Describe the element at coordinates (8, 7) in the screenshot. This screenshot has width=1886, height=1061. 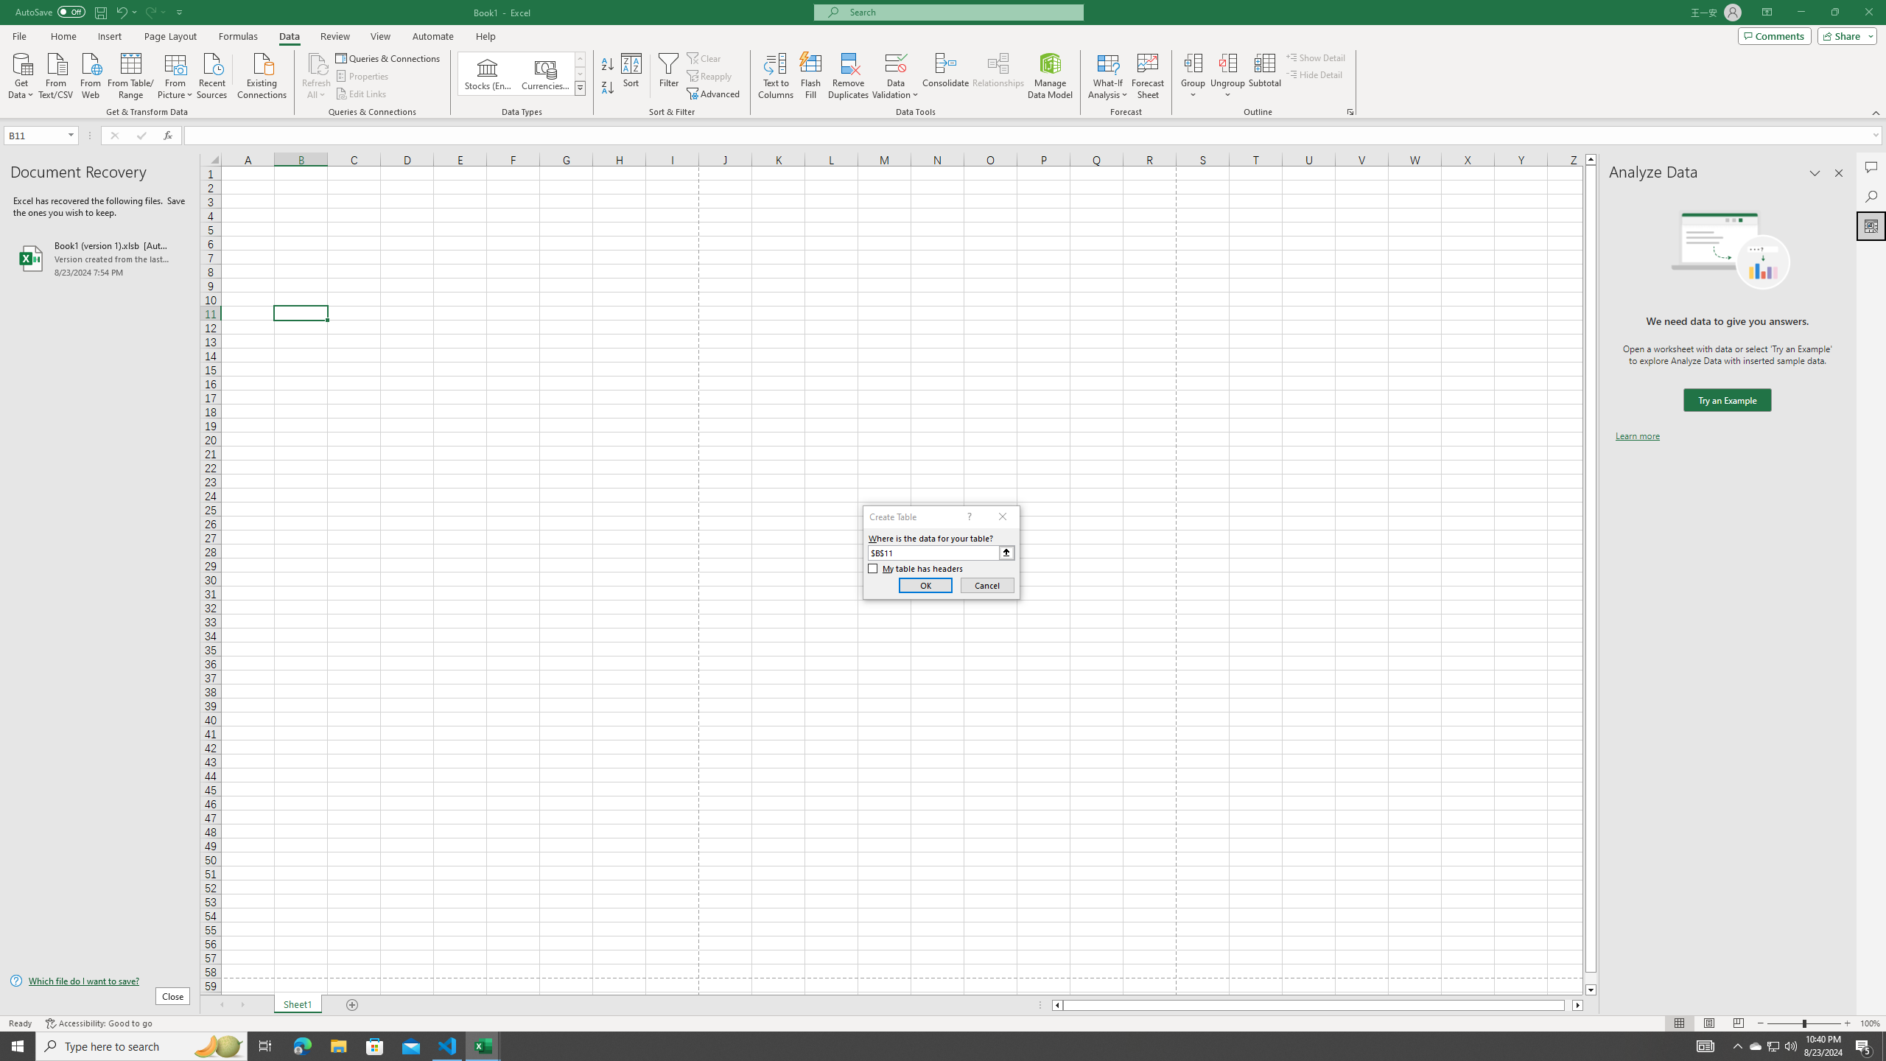
I see `'System'` at that location.